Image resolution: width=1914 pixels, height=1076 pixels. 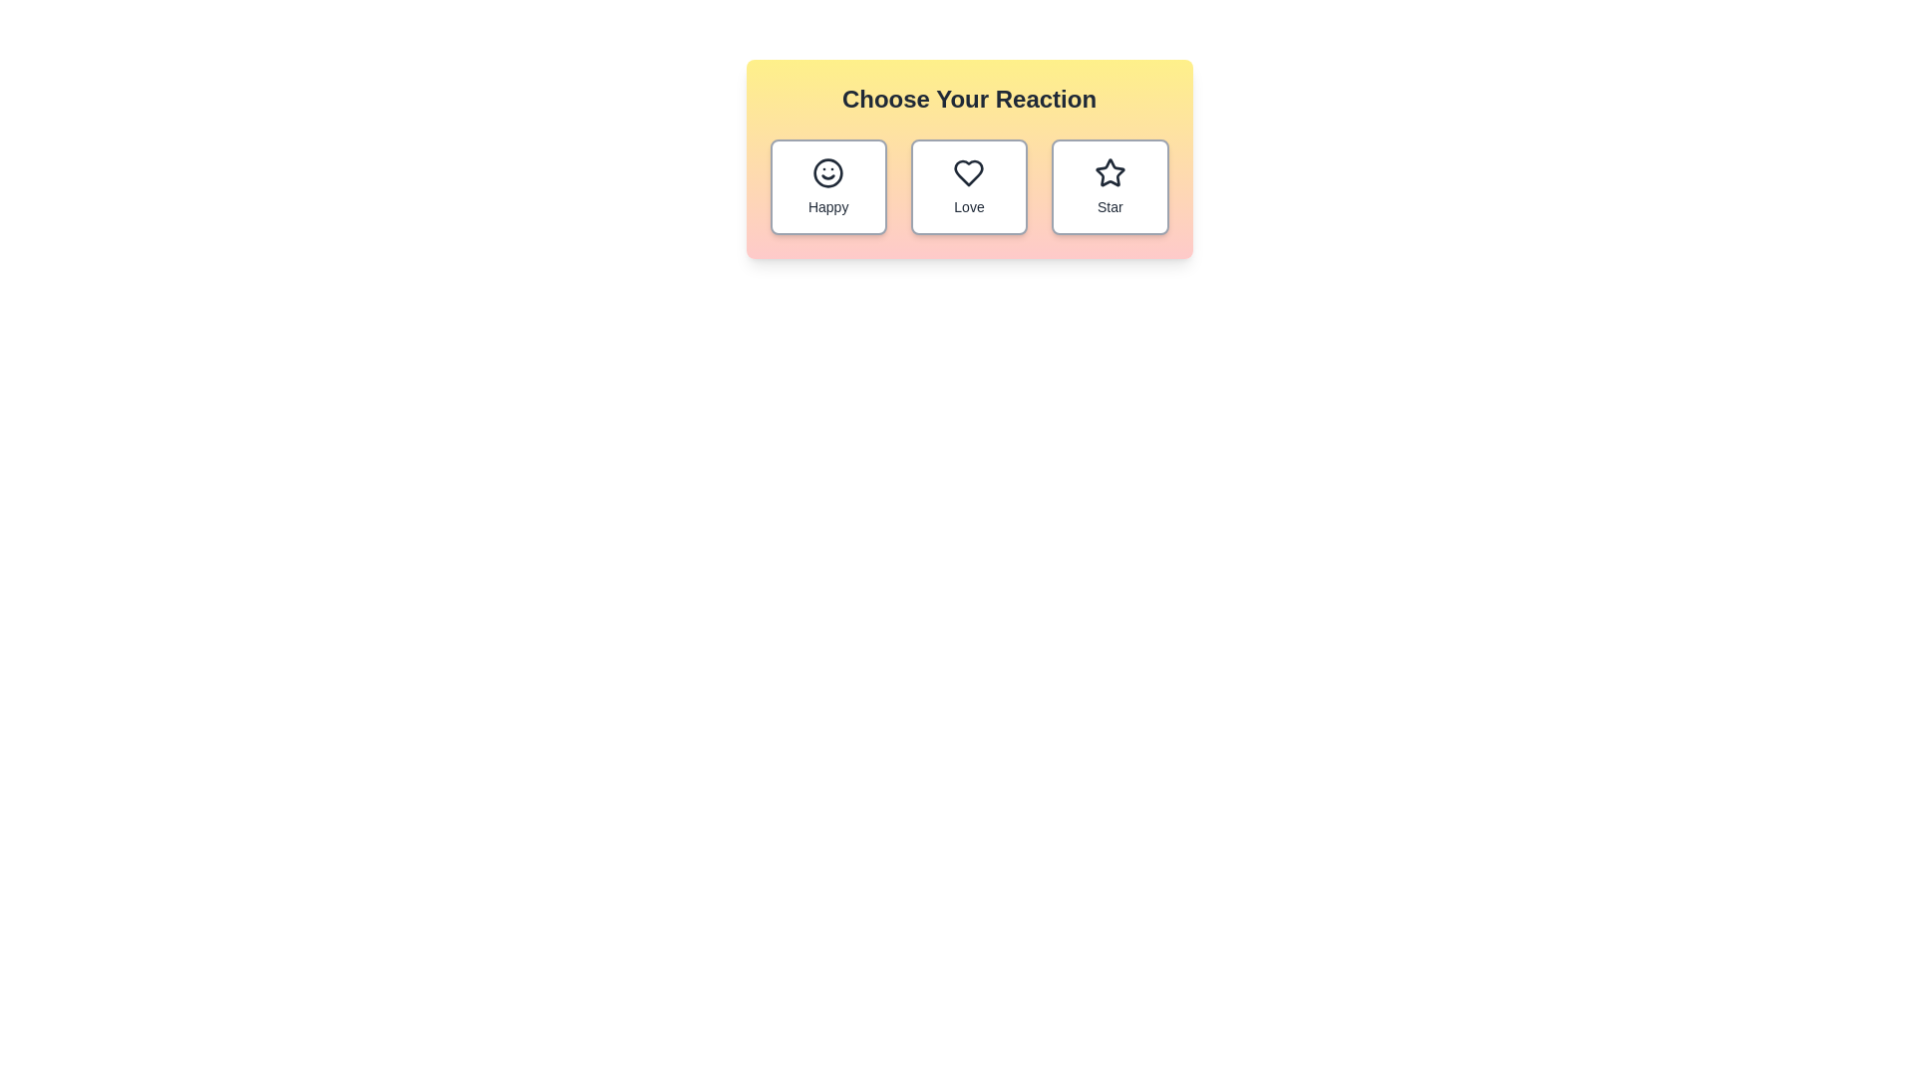 I want to click on the reaction icon corresponding to Star to toggle its selection, so click(x=1109, y=187).